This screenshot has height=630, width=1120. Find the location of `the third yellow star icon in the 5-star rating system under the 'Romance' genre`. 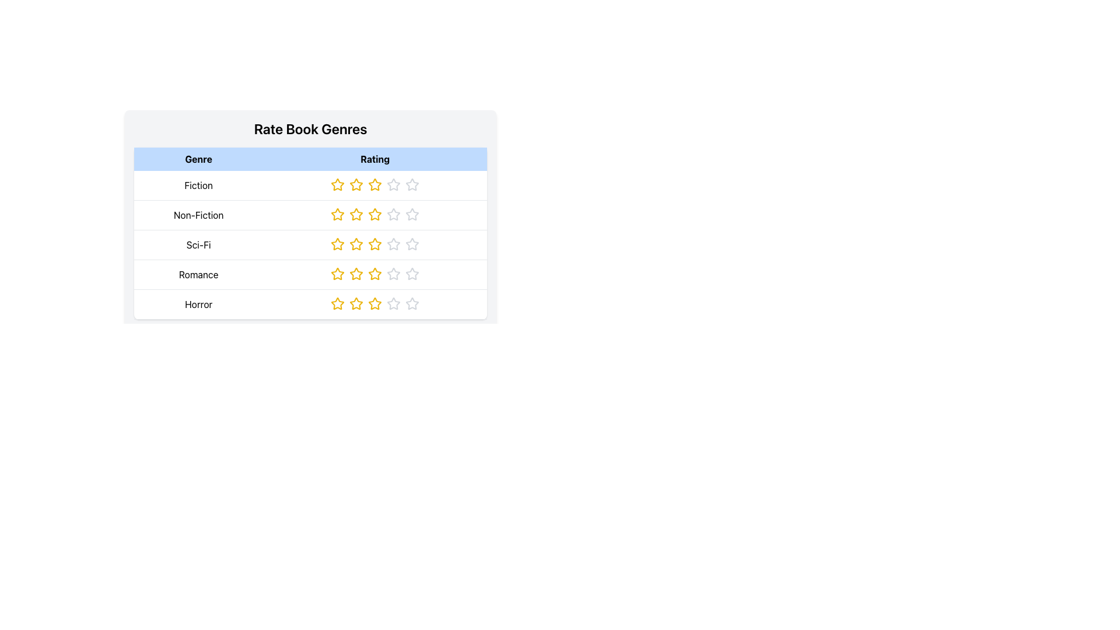

the third yellow star icon in the 5-star rating system under the 'Romance' genre is located at coordinates (375, 274).